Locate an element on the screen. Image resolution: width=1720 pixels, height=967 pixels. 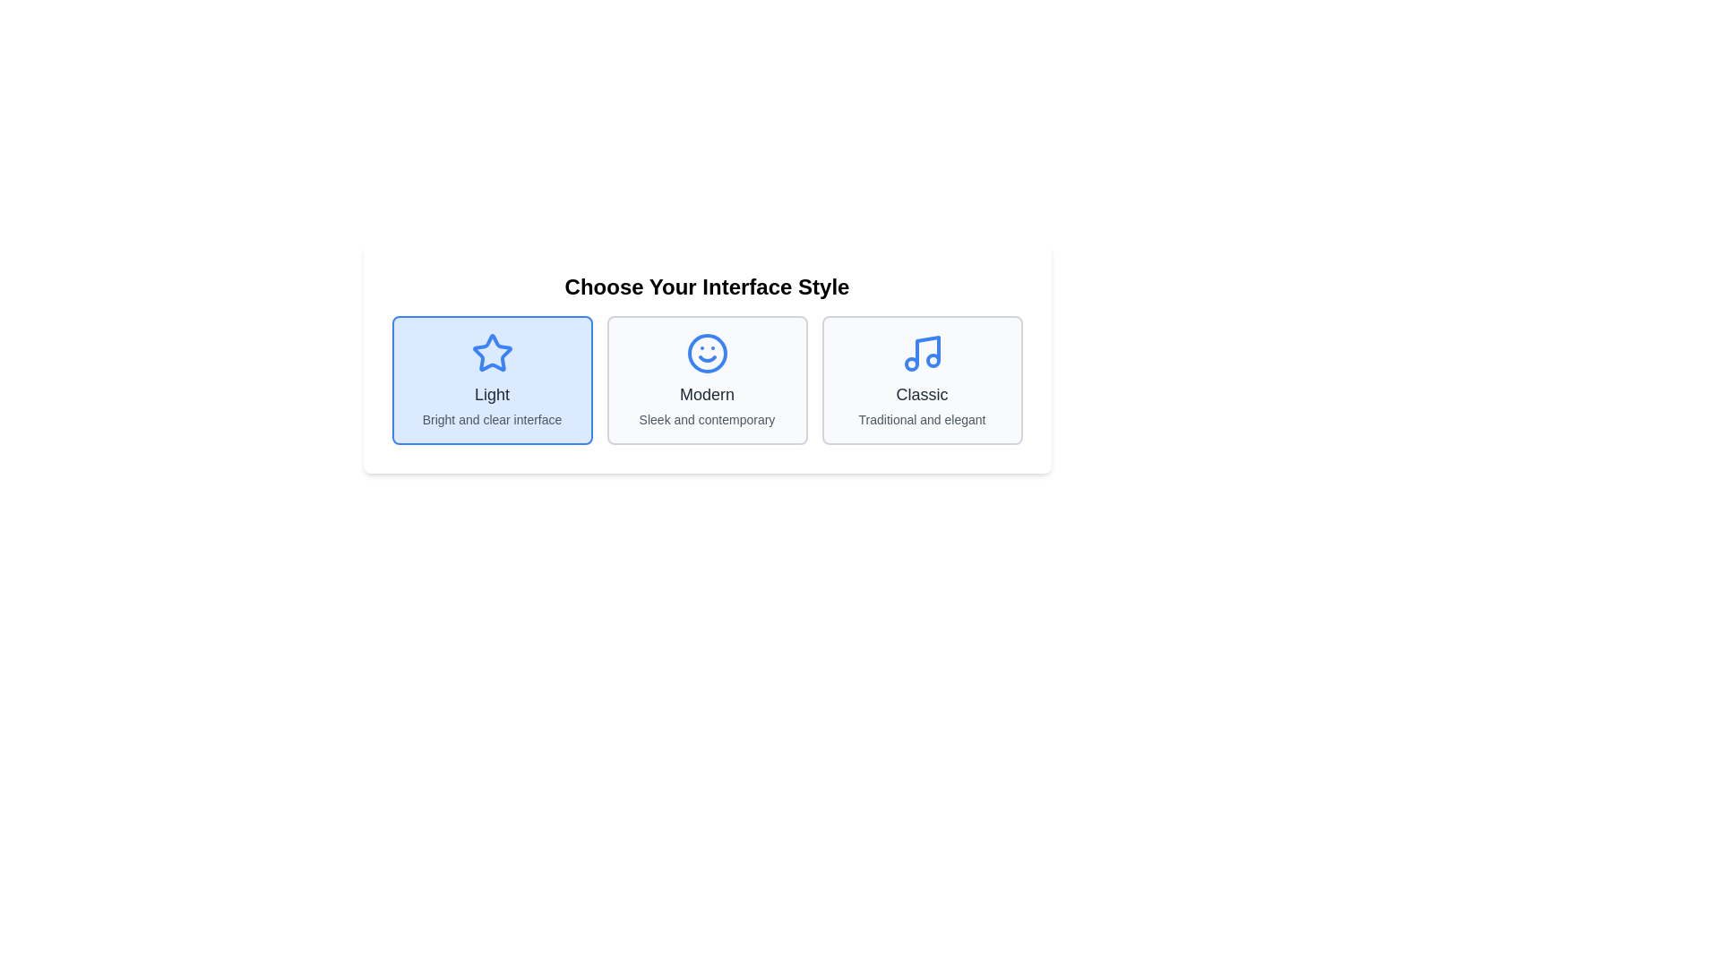
the circular outline icon in the 'Modern' style selection, which is part of a smiley face icon is located at coordinates (706, 353).